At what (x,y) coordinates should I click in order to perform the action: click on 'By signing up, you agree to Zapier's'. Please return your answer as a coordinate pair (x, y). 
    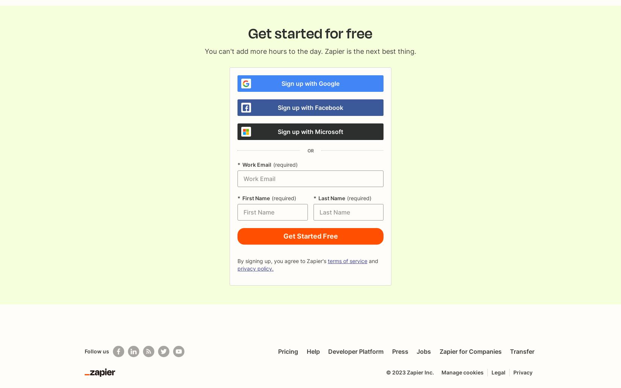
    Looking at the image, I should click on (281, 261).